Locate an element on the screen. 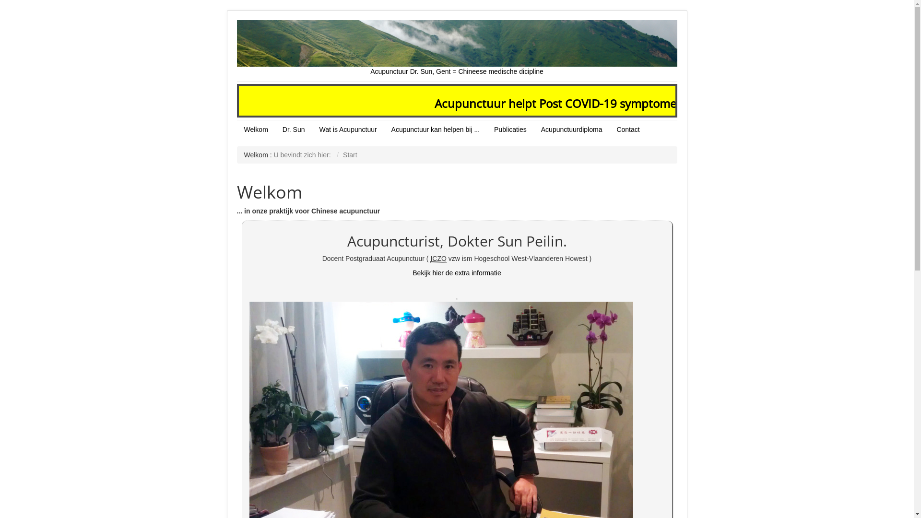 The width and height of the screenshot is (921, 518). 'Wat is Acupunctuur' is located at coordinates (347, 129).